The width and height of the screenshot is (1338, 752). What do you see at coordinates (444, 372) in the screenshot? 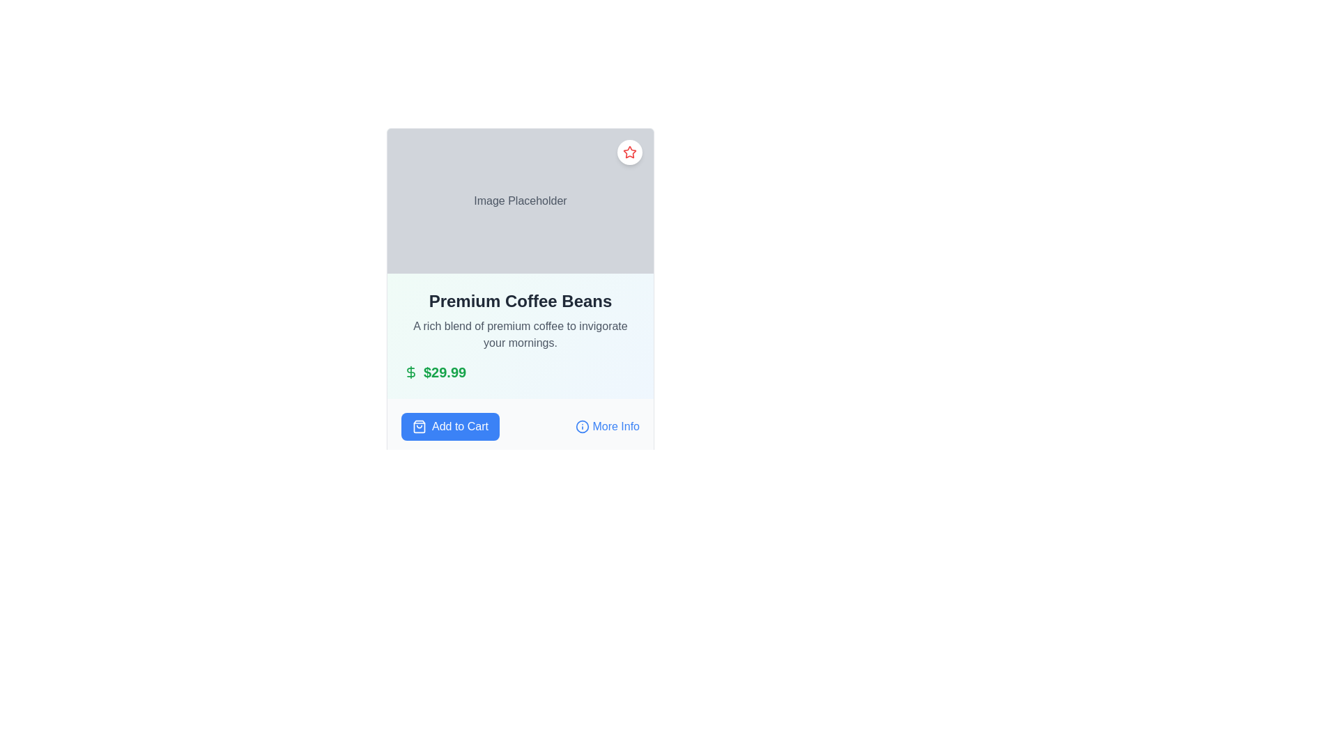
I see `price information displayed in the text element located in the lower section of the product card, to the right of the green dollar sign icon and above the action buttons` at bounding box center [444, 372].